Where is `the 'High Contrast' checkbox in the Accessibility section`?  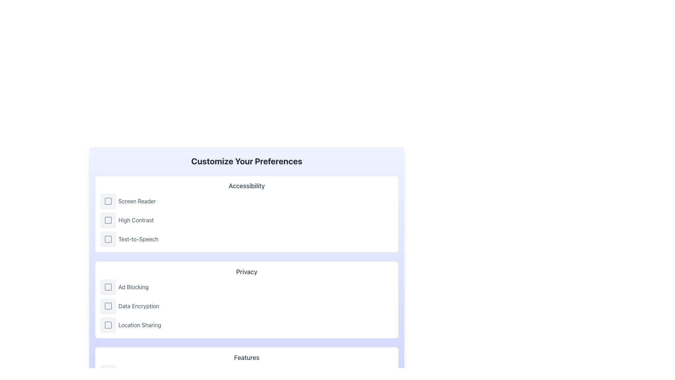 the 'High Contrast' checkbox in the Accessibility section is located at coordinates (108, 220).